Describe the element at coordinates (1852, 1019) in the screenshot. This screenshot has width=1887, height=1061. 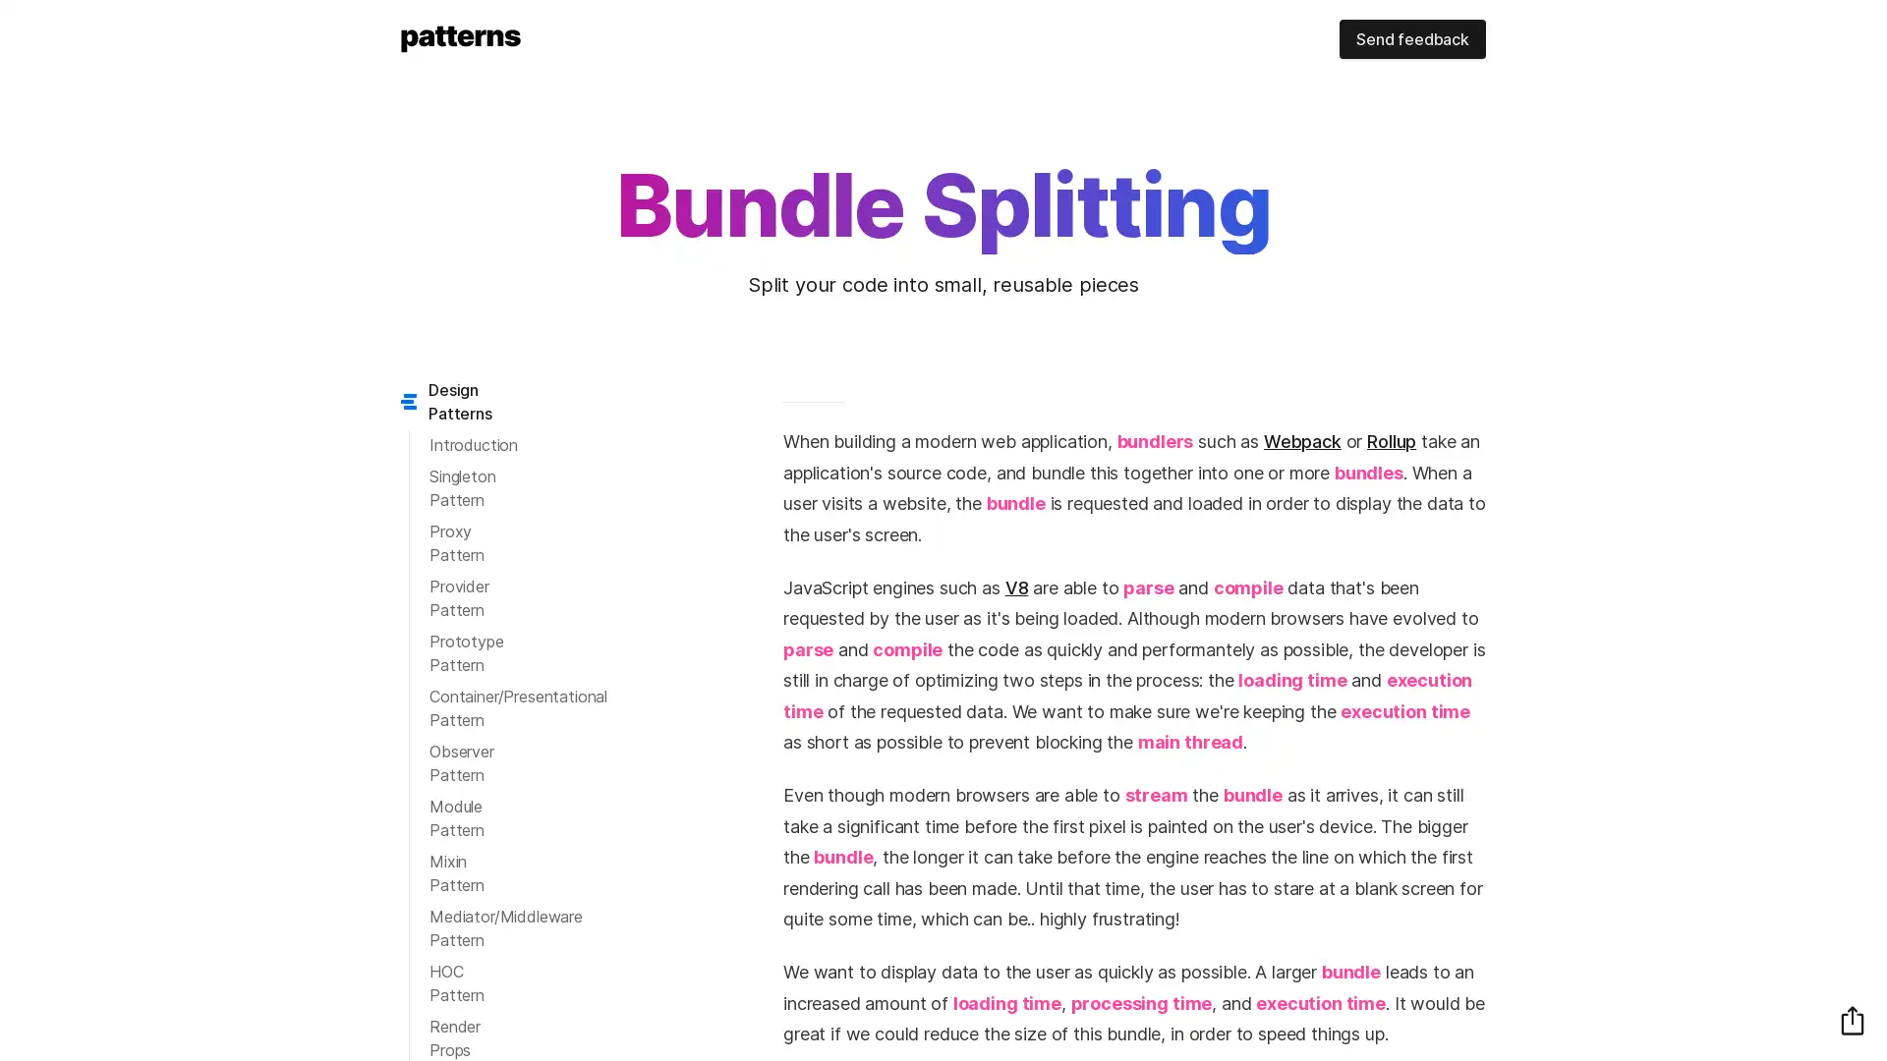
I see `Share` at that location.